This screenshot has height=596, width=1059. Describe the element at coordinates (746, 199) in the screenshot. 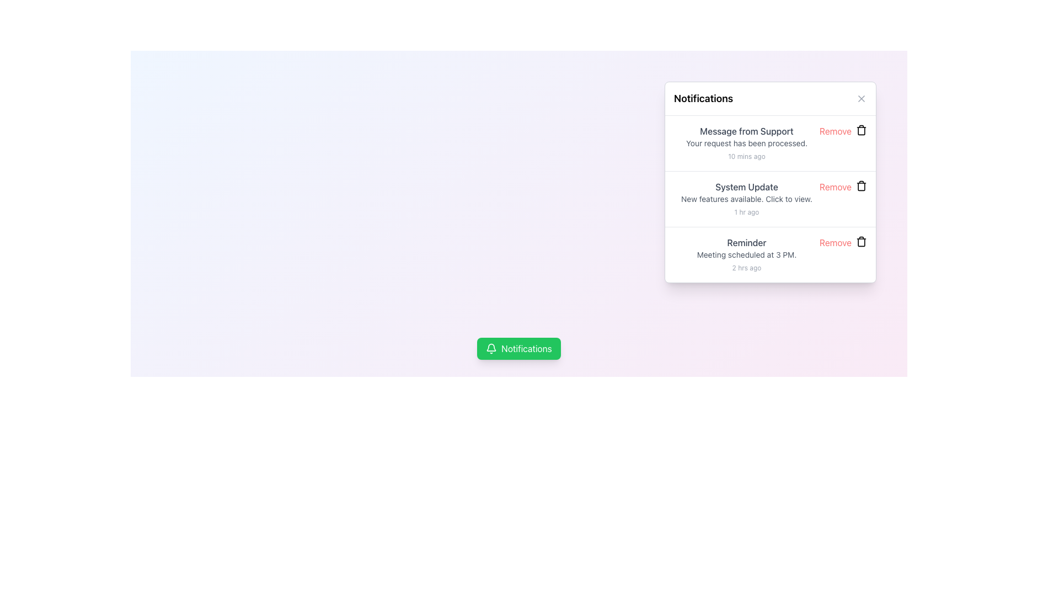

I see `the informational text block that conveys a message about a system update, positioned below 'Message from Support' and above 'Reminder' in the notification panel` at that location.